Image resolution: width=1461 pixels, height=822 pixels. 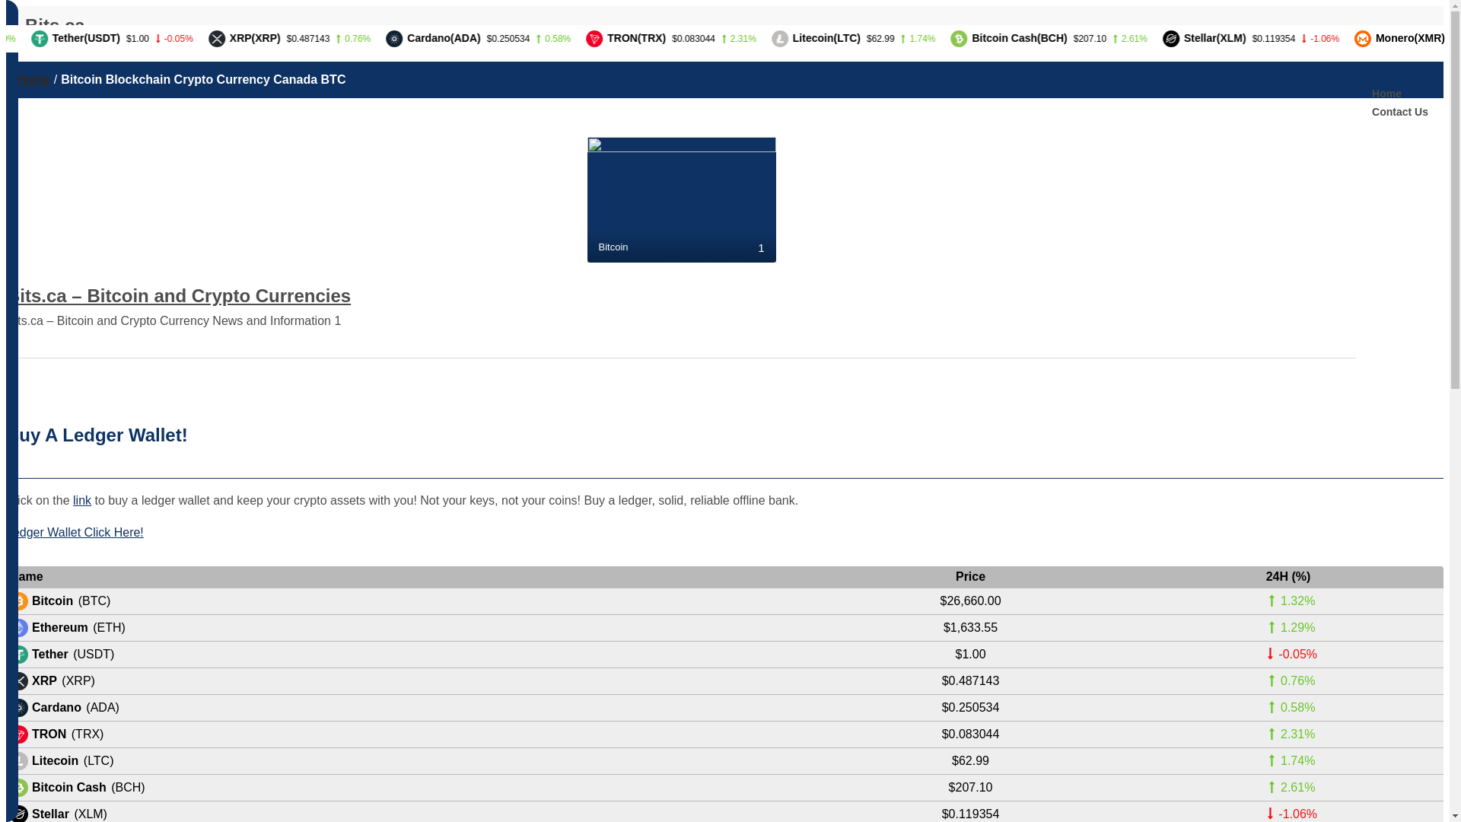 I want to click on 'Home', so click(x=33, y=79).